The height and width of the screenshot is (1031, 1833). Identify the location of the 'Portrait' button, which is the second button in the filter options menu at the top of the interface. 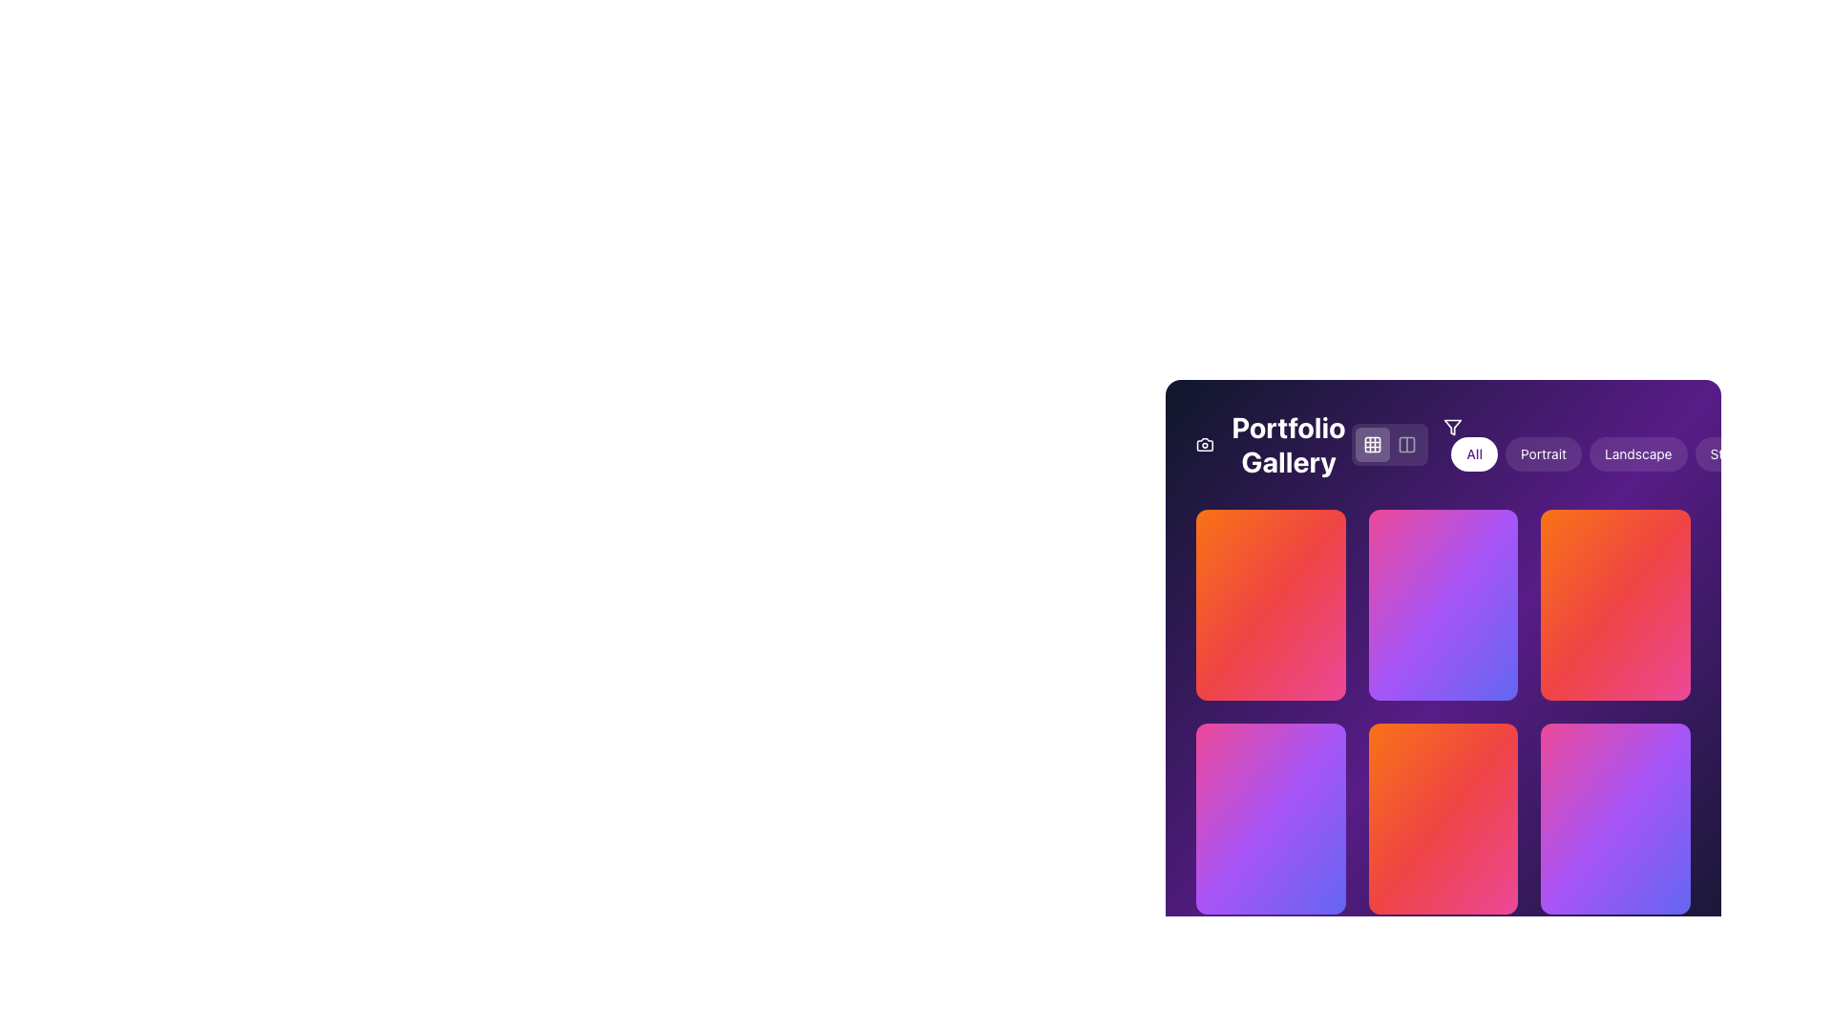
(1544, 453).